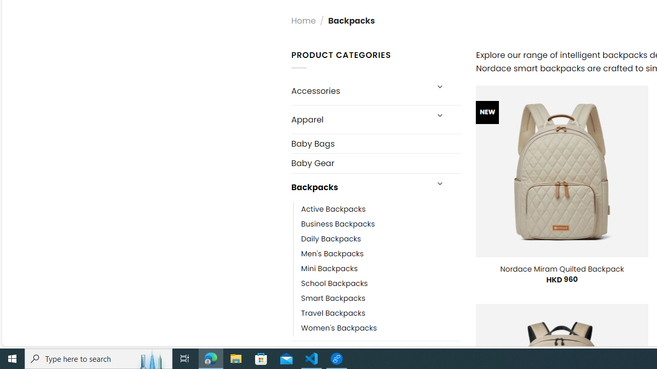 The height and width of the screenshot is (369, 657). Describe the element at coordinates (359, 119) in the screenshot. I see `'Apparel'` at that location.